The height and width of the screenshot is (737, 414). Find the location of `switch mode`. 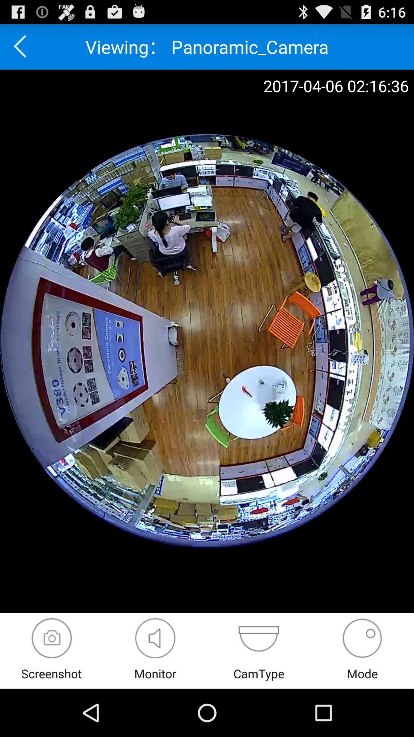

switch mode is located at coordinates (362, 638).